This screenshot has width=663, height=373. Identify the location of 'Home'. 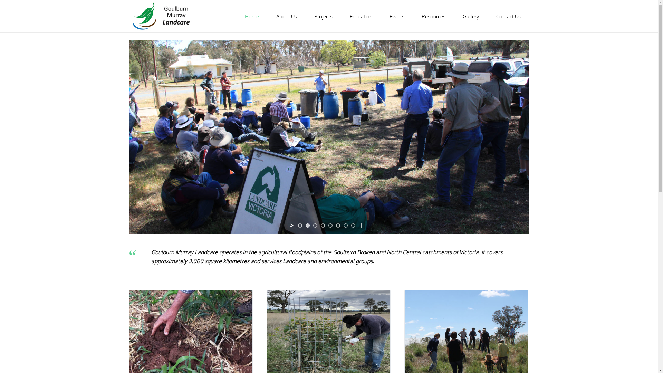
(251, 16).